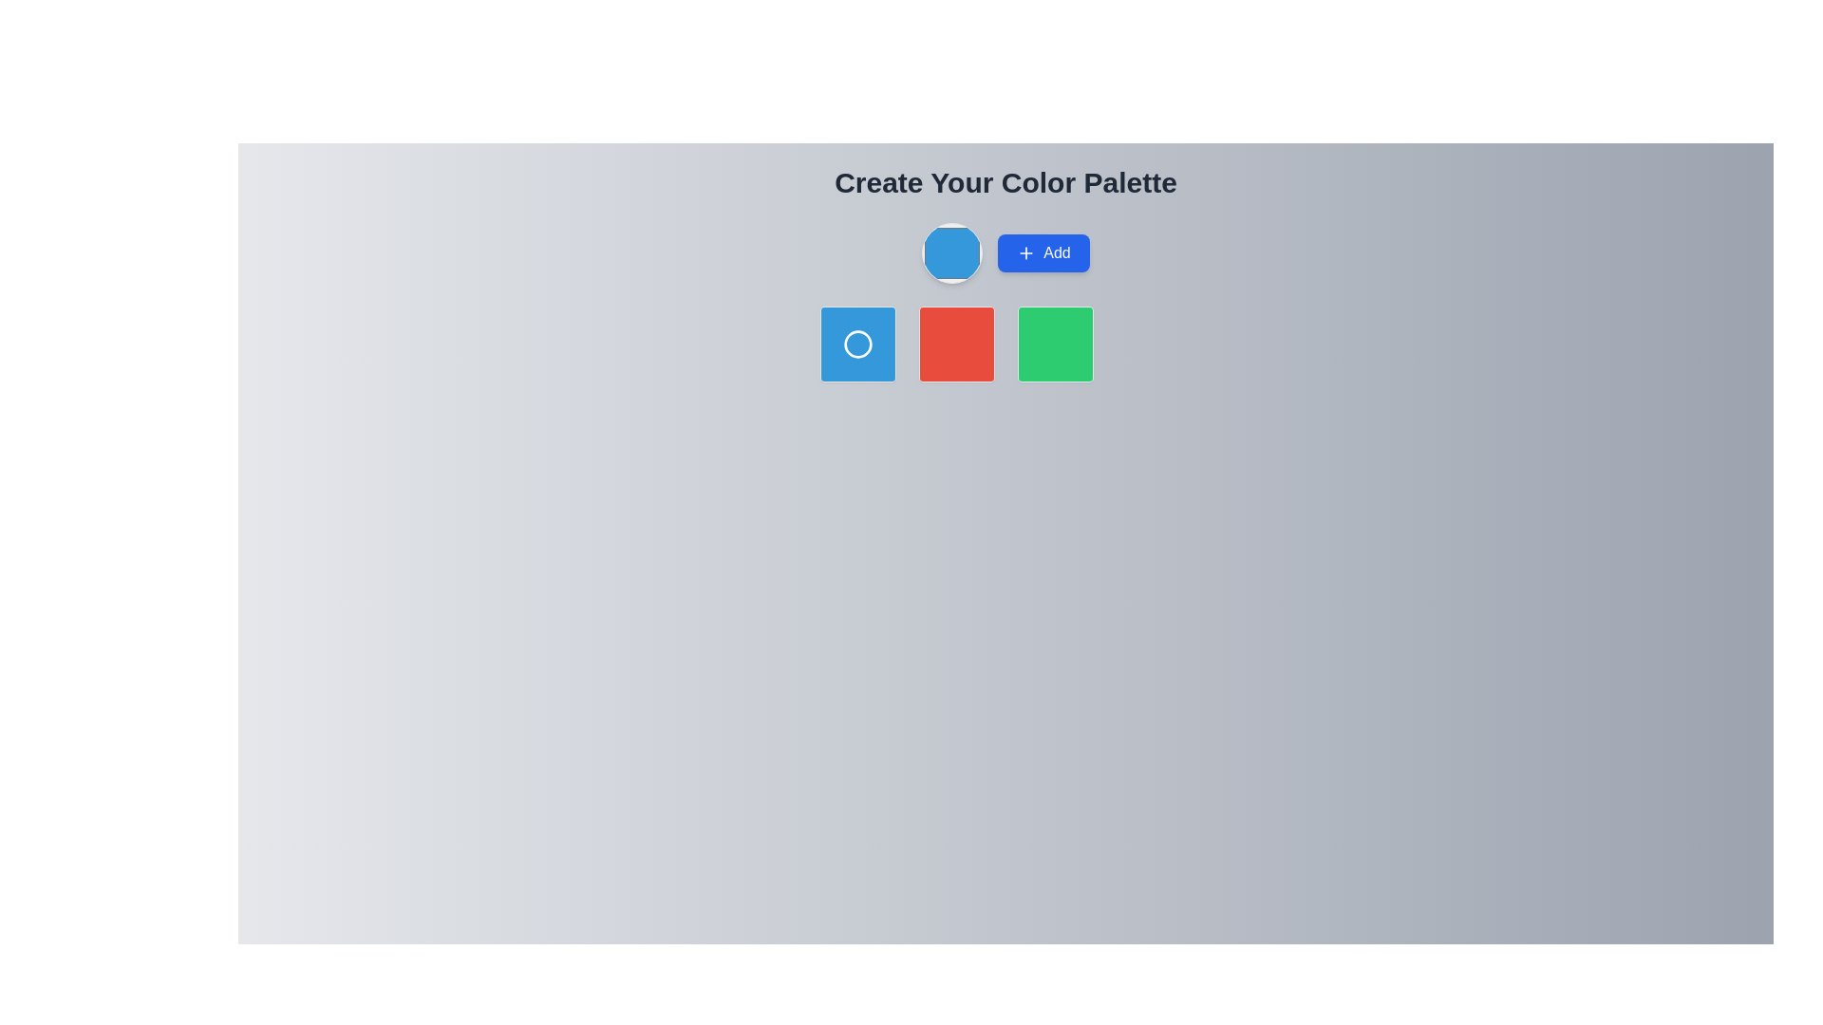 The width and height of the screenshot is (1823, 1025). I want to click on the color picker element, which is the first in a horizontal stack and located to the left of the 'Add' button, so click(952, 252).